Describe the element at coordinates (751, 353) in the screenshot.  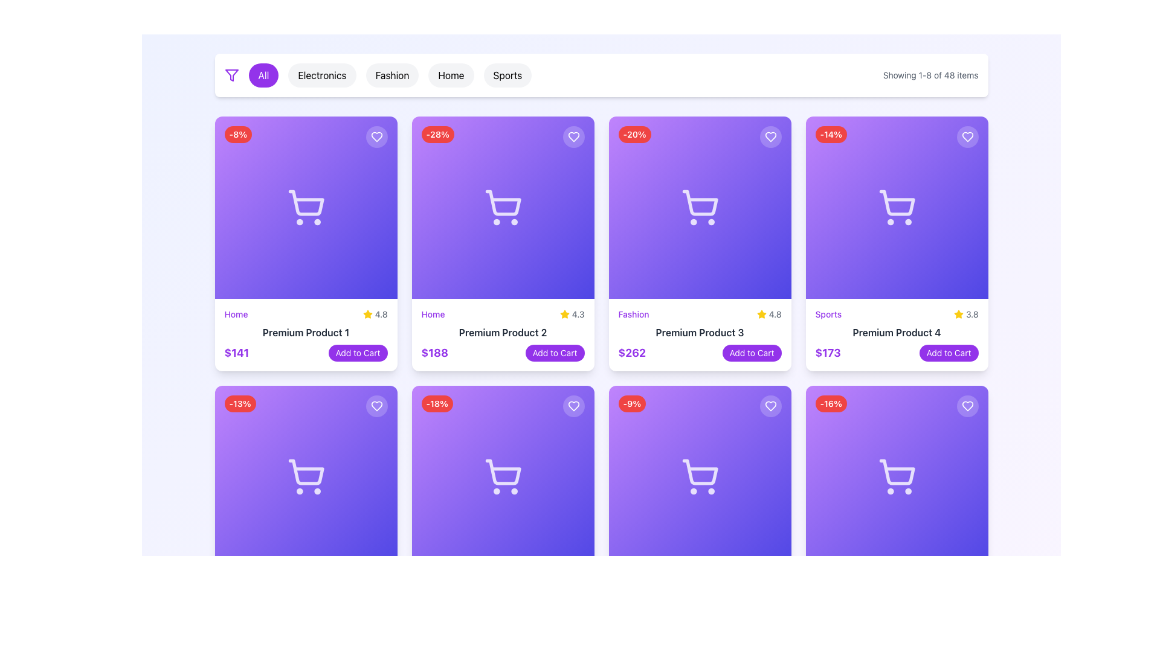
I see `the 'Add to Cart' button, which has a purple background and white text, located in the third card of the top row below the price '$262'` at that location.